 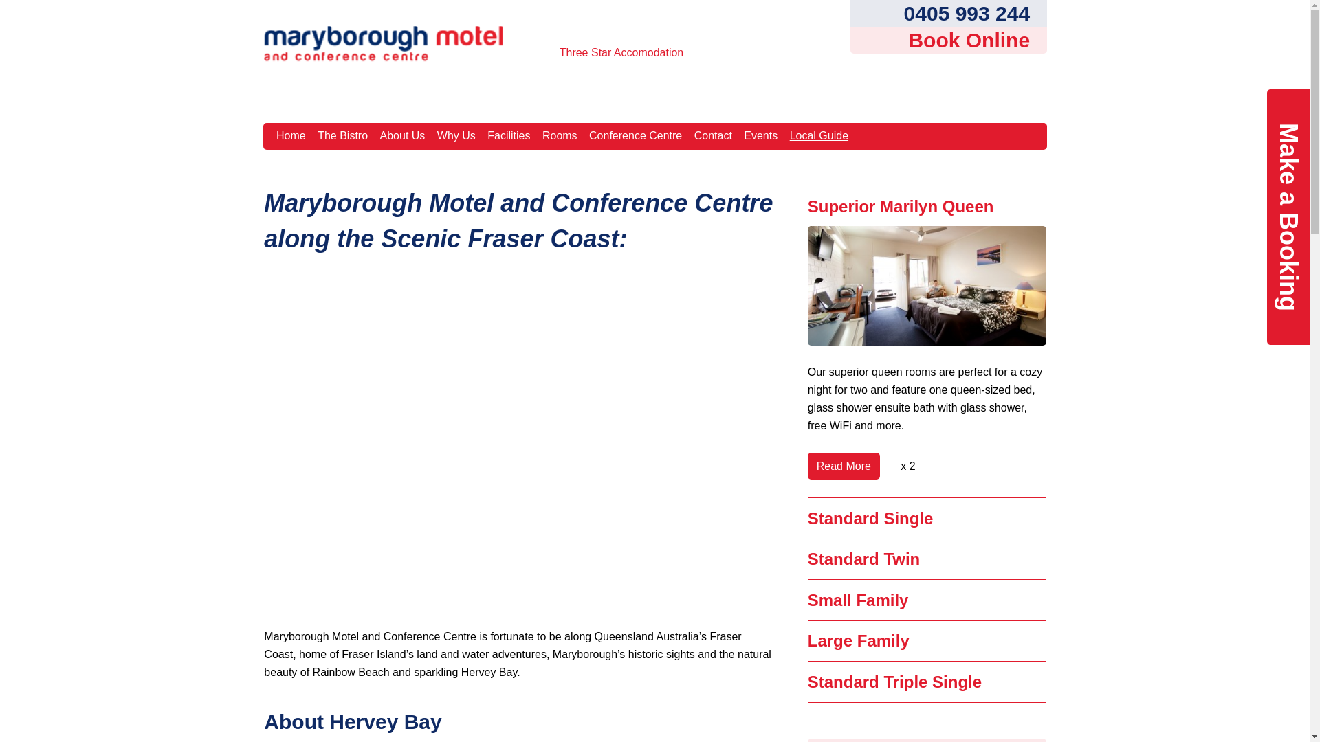 What do you see at coordinates (483, 136) in the screenshot?
I see `'Facilities'` at bounding box center [483, 136].